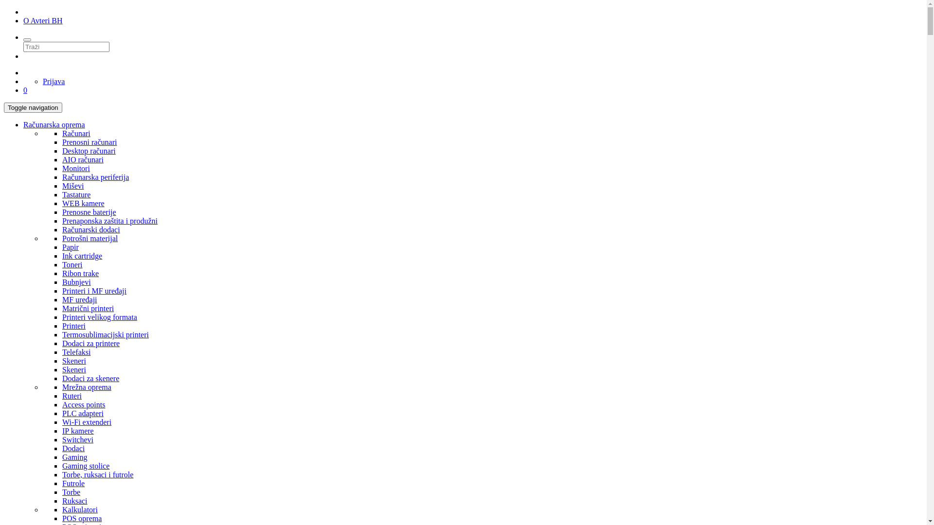  What do you see at coordinates (23, 20) in the screenshot?
I see `'O Avteri BH'` at bounding box center [23, 20].